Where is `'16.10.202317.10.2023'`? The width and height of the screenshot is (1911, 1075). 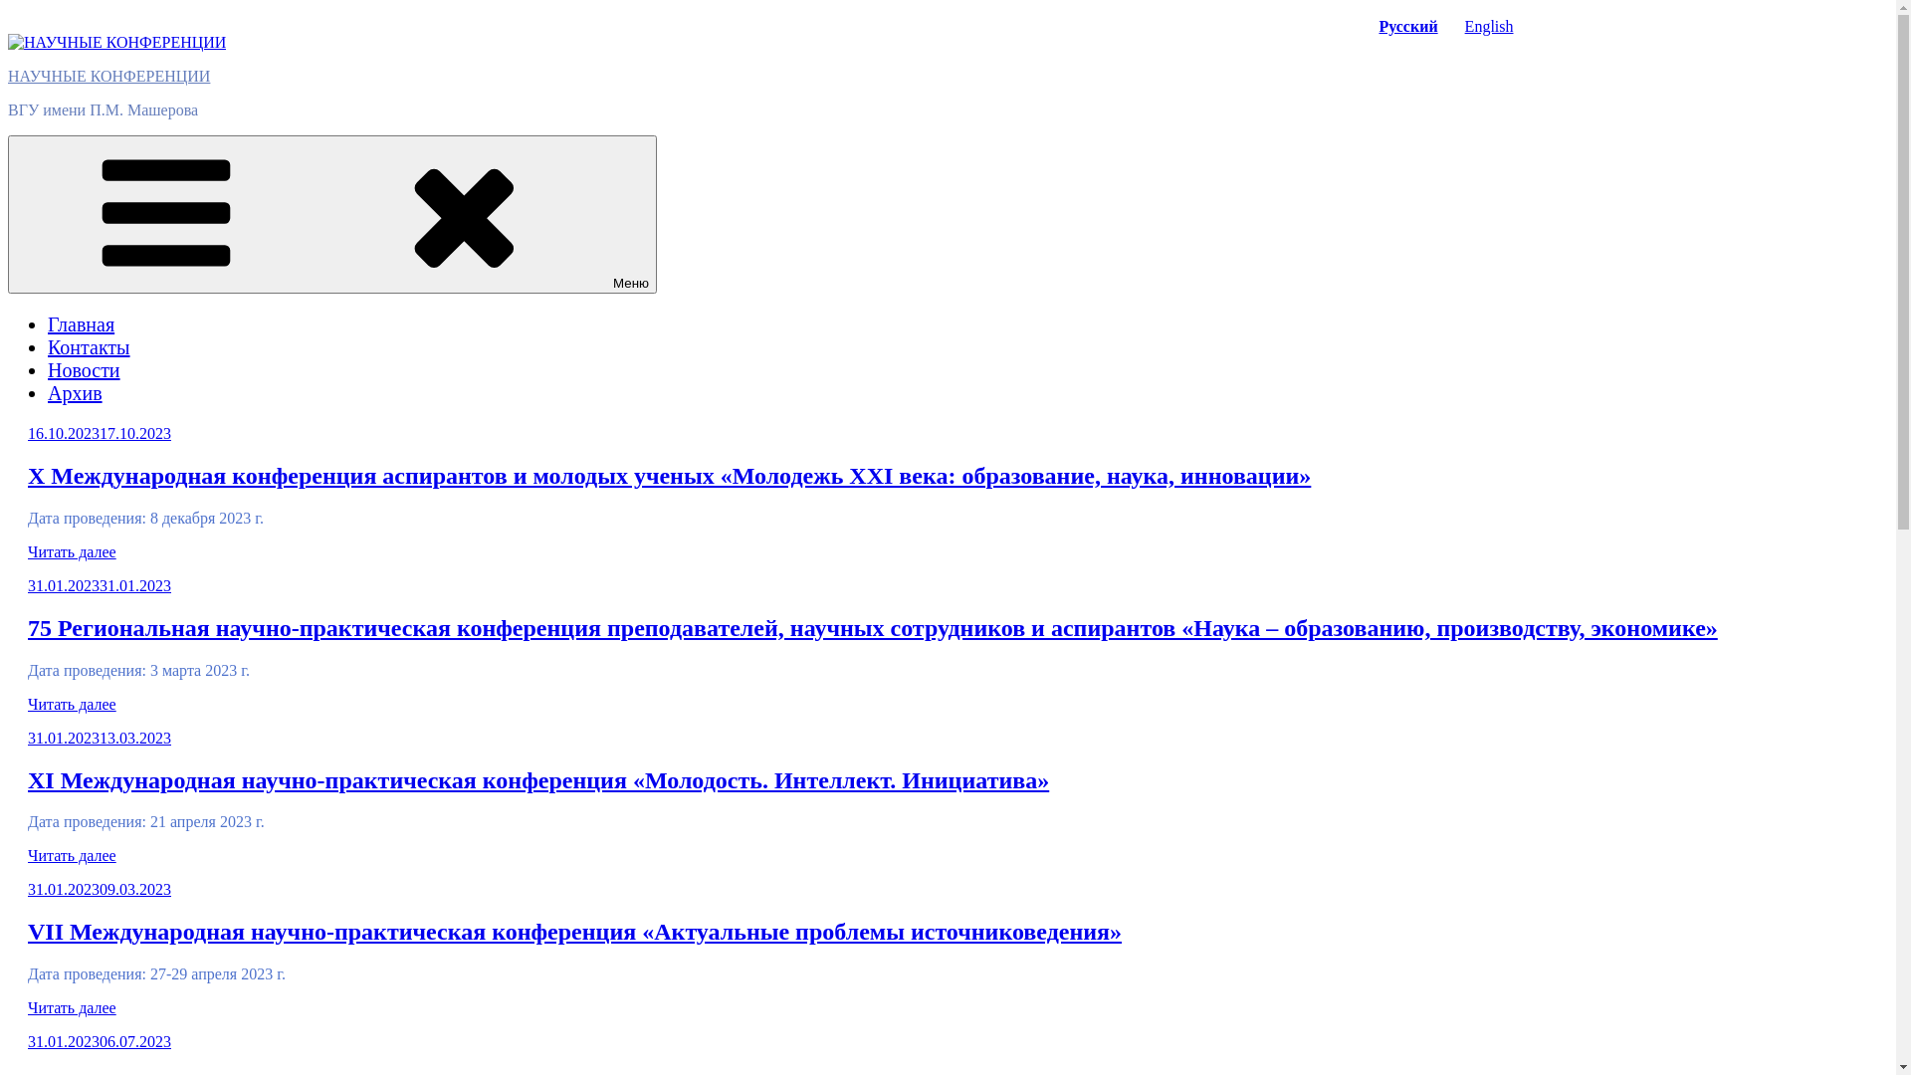
'16.10.202317.10.2023' is located at coordinates (99, 432).